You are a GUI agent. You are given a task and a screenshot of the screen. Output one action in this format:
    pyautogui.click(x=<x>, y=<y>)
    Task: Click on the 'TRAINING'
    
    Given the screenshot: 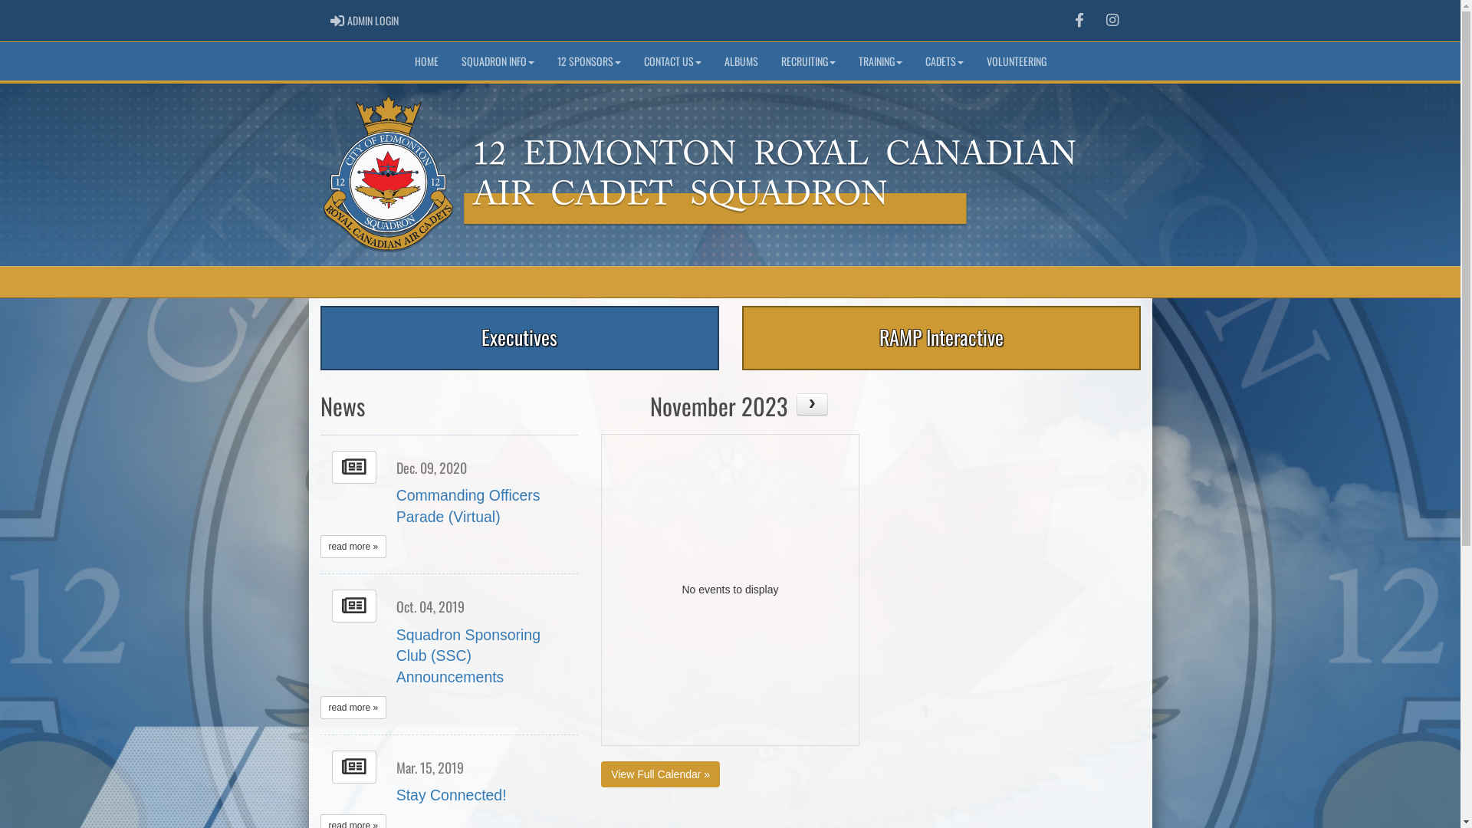 What is the action you would take?
    pyautogui.click(x=879, y=61)
    